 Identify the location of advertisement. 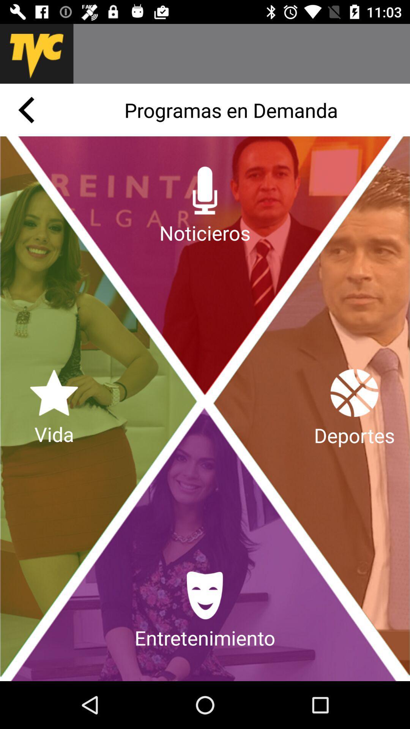
(241, 53).